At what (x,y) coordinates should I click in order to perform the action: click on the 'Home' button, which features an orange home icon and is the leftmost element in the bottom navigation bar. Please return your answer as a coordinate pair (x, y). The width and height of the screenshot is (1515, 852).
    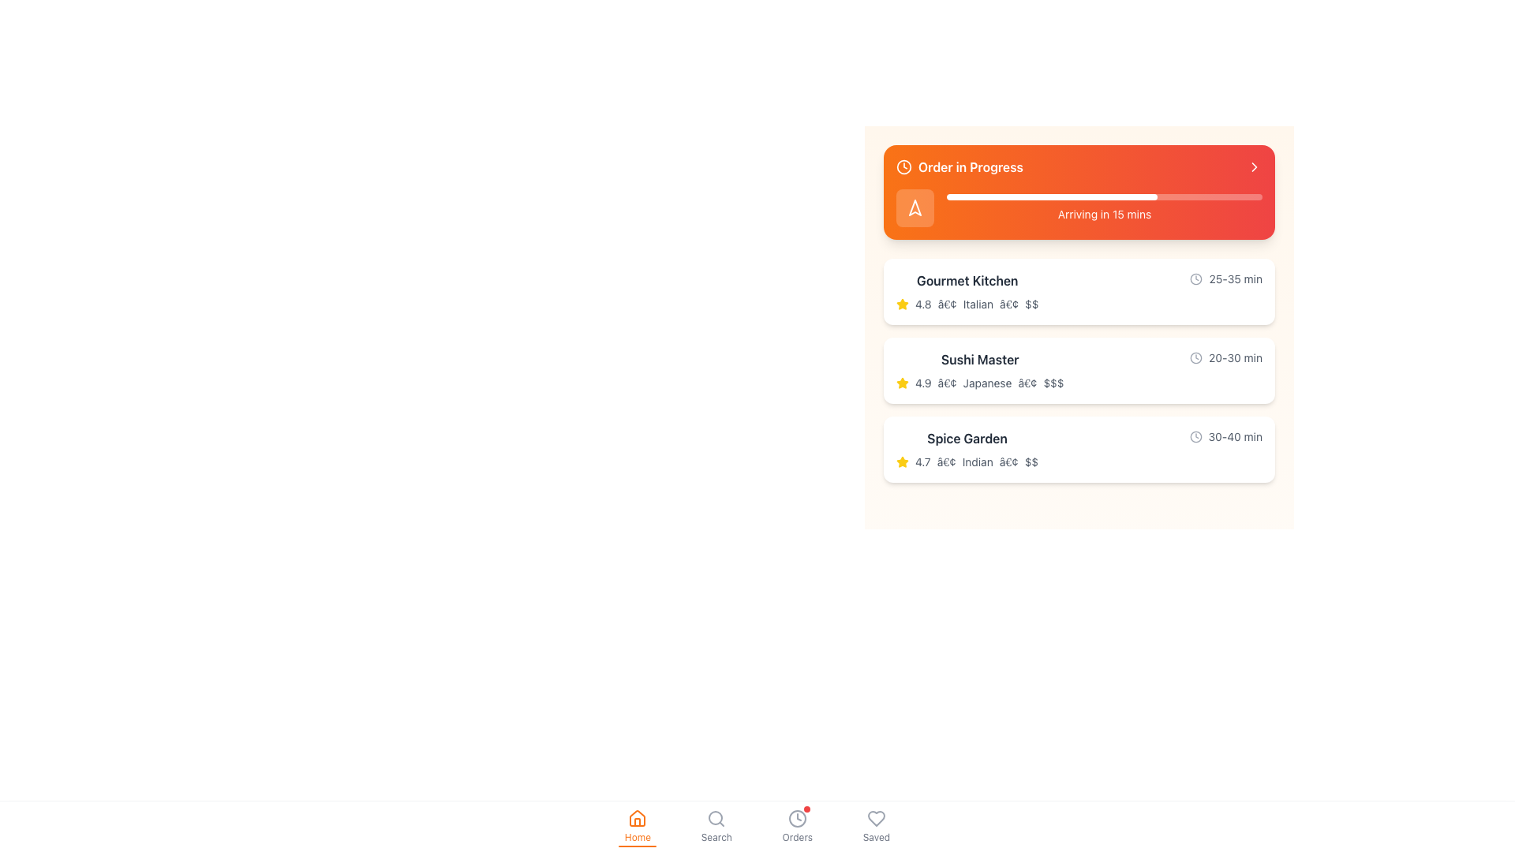
    Looking at the image, I should click on (637, 826).